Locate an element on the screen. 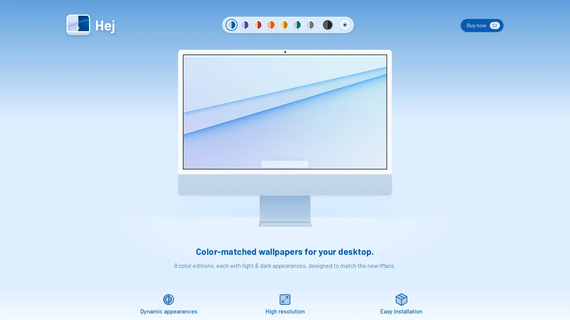 This screenshot has width=570, height=320. Set theme to orange is located at coordinates (270, 25).